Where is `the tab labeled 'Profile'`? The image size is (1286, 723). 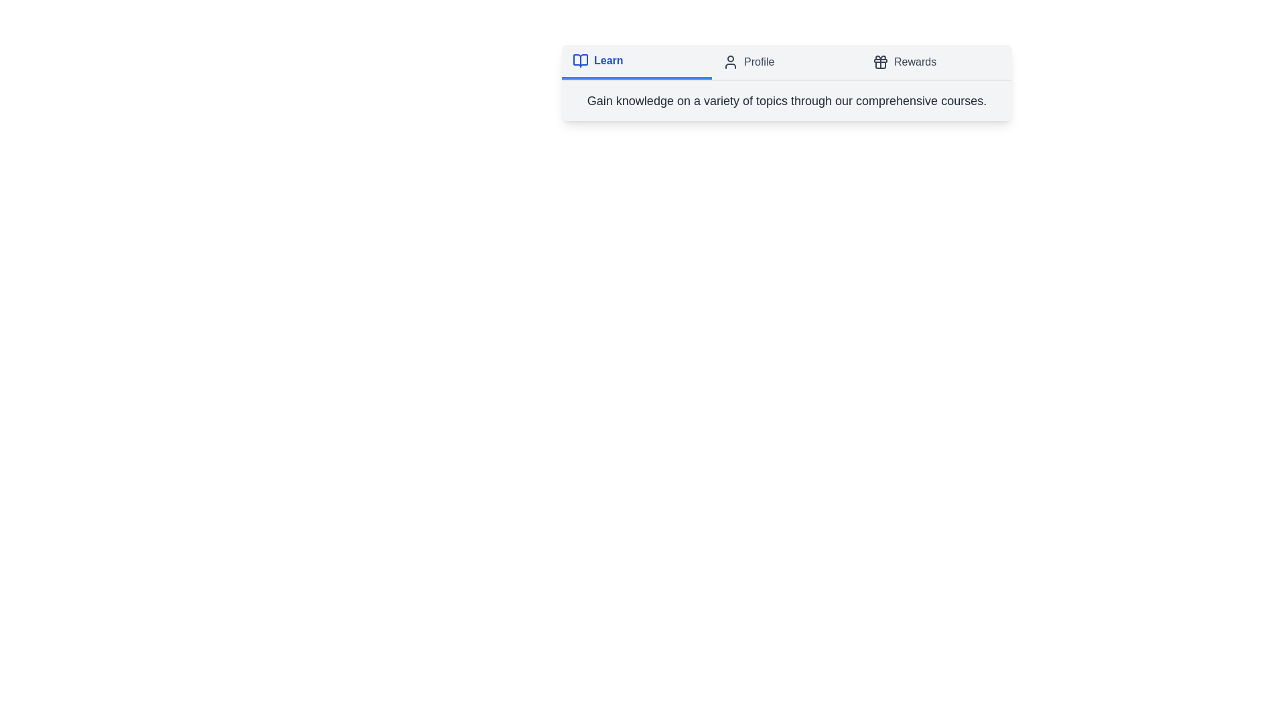
the tab labeled 'Profile' is located at coordinates (787, 62).